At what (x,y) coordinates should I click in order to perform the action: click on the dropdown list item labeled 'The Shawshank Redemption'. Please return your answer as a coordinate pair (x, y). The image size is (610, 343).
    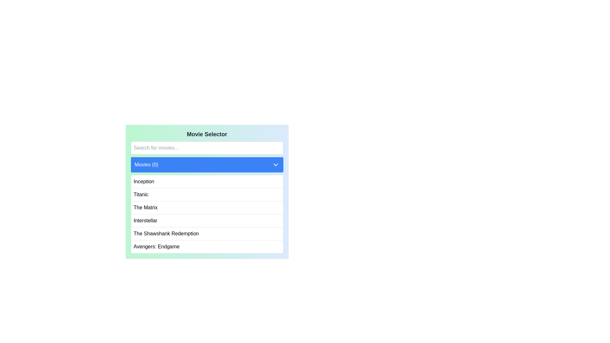
    Looking at the image, I should click on (166, 234).